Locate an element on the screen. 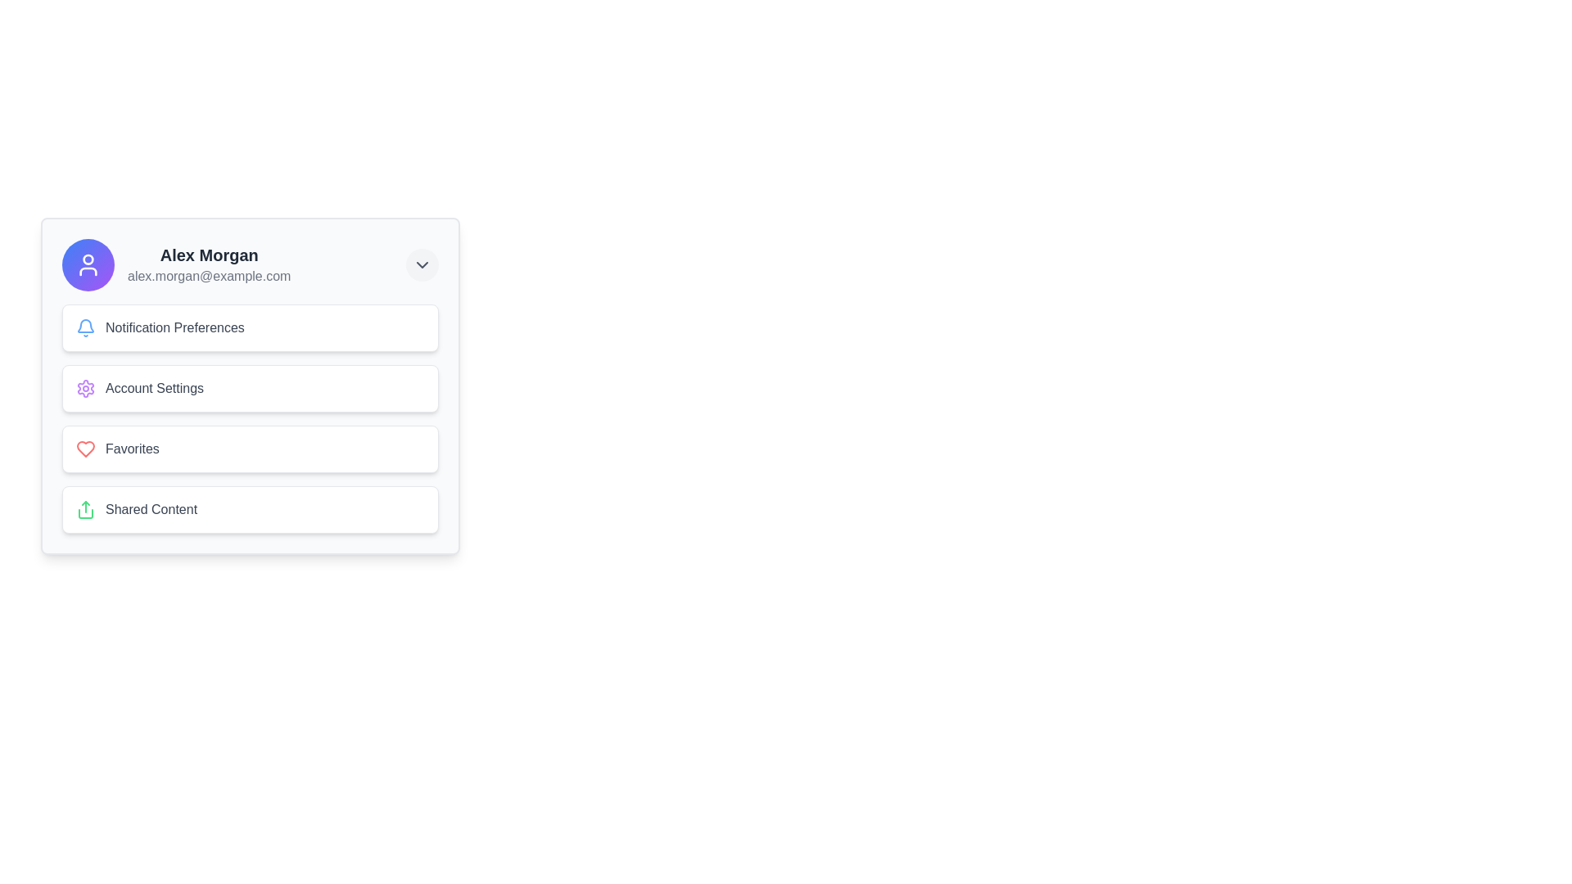 Image resolution: width=1572 pixels, height=884 pixels. the Profile header component to inspect user details, located at the top of the card above 'Notification Preferences' is located at coordinates (250, 264).